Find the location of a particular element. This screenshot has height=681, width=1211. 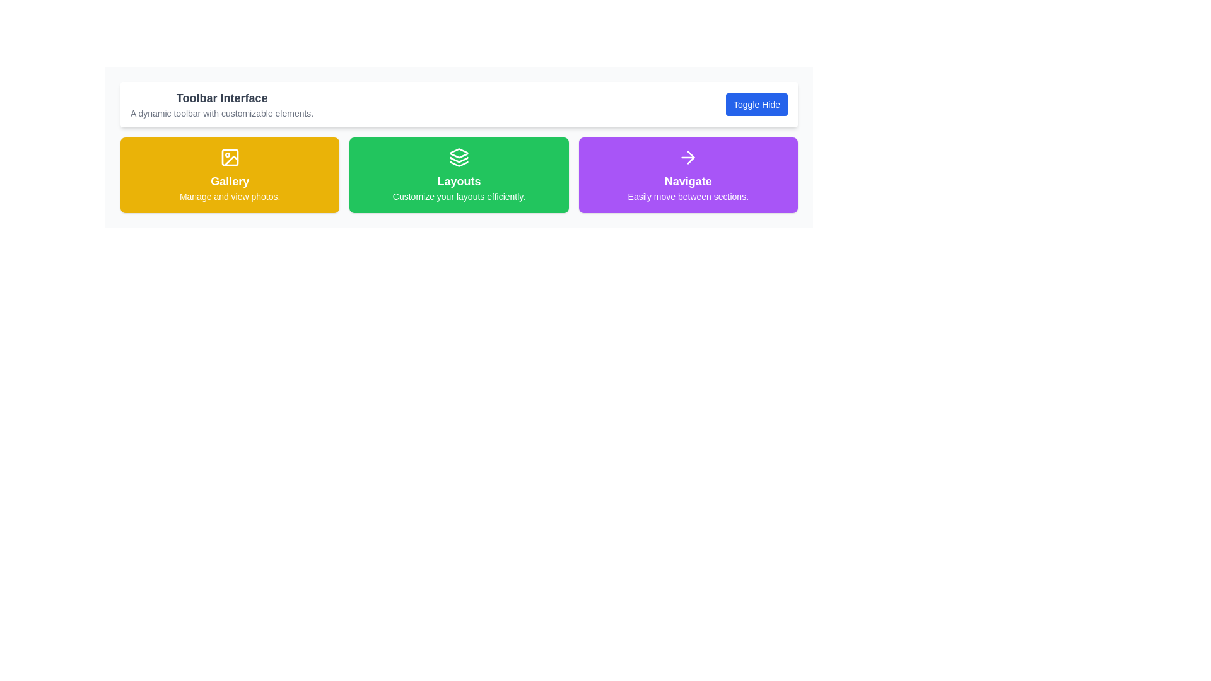

the 'Navigate' text block element is located at coordinates (687, 182).